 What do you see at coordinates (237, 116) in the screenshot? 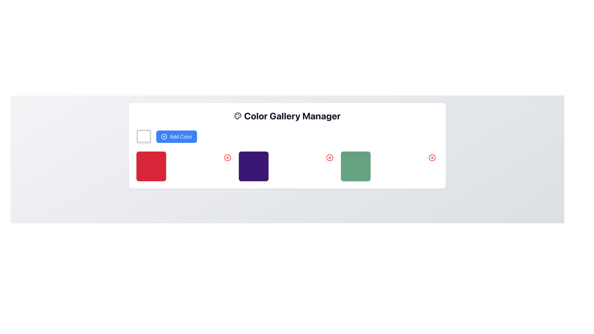
I see `the decorative icon representing color management, located to the left of the 'Color Gallery Manager' heading` at bounding box center [237, 116].